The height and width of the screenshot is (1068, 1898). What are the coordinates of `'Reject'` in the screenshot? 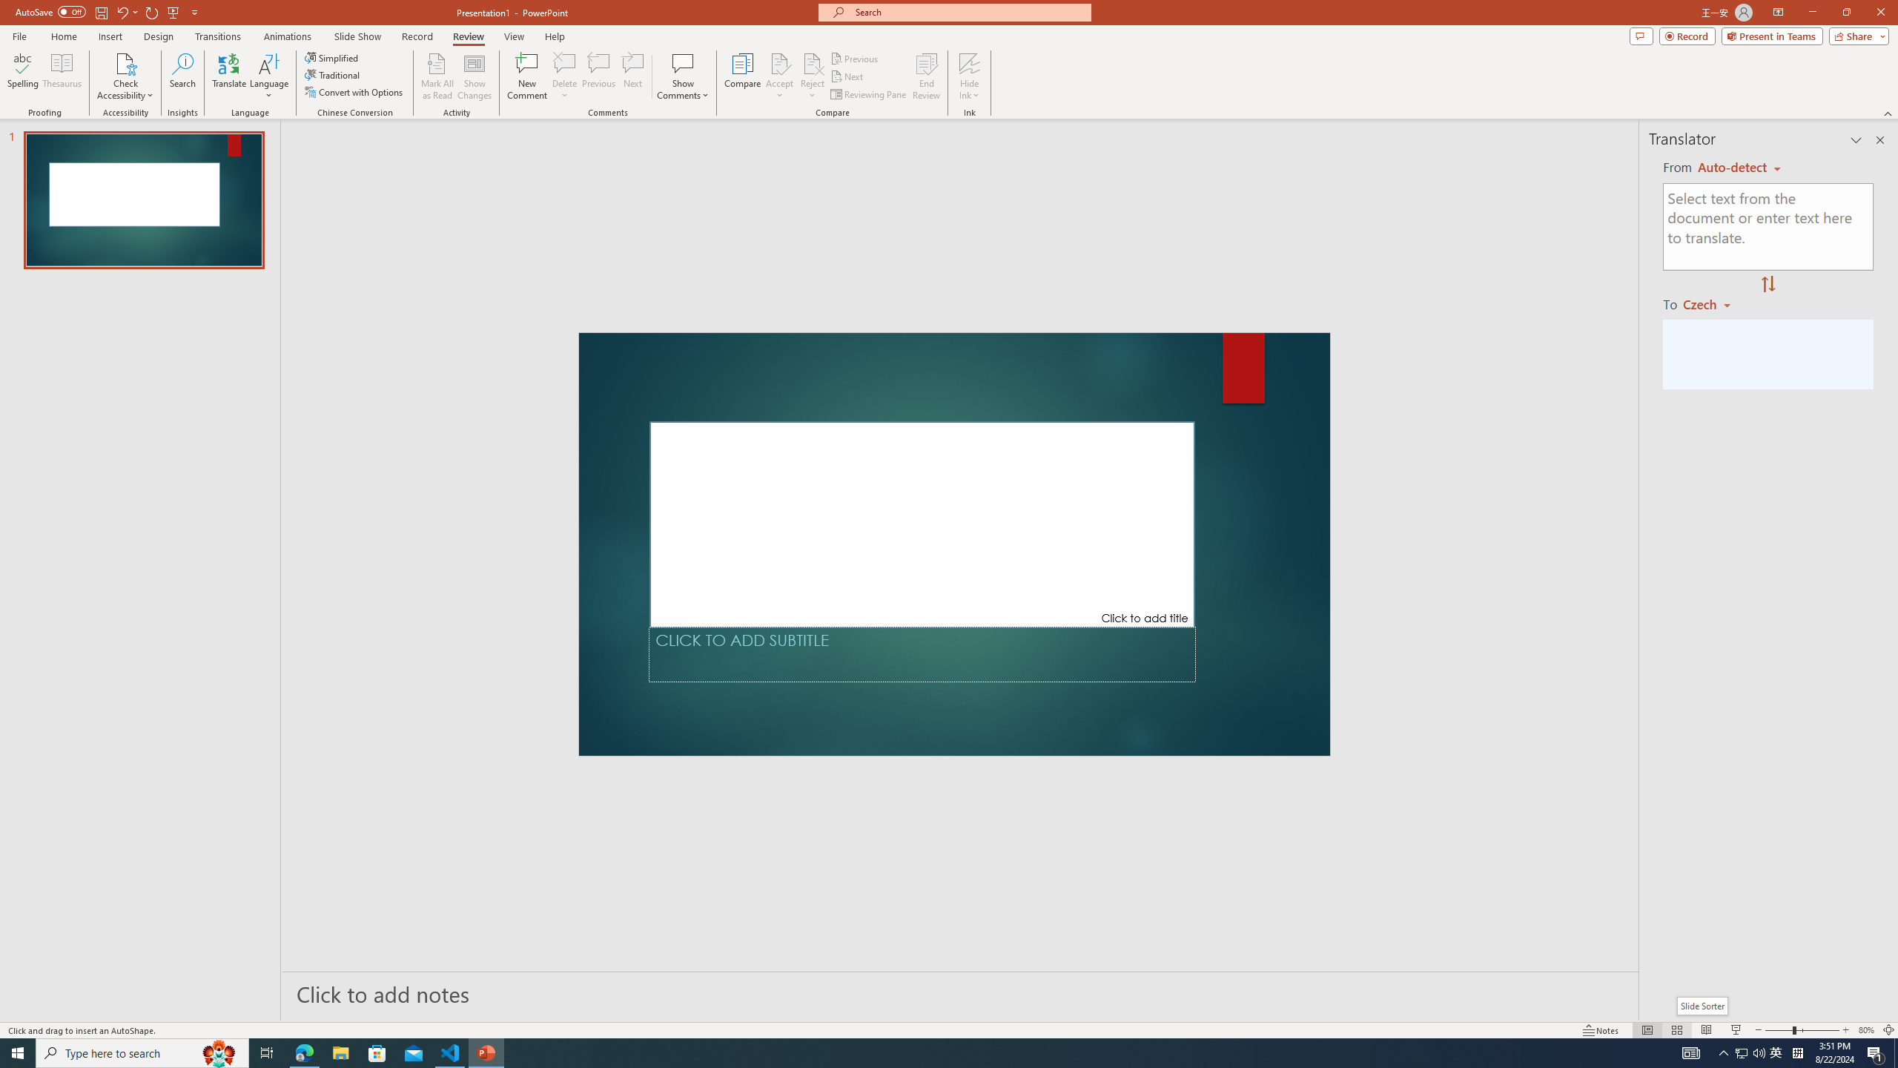 It's located at (811, 76).